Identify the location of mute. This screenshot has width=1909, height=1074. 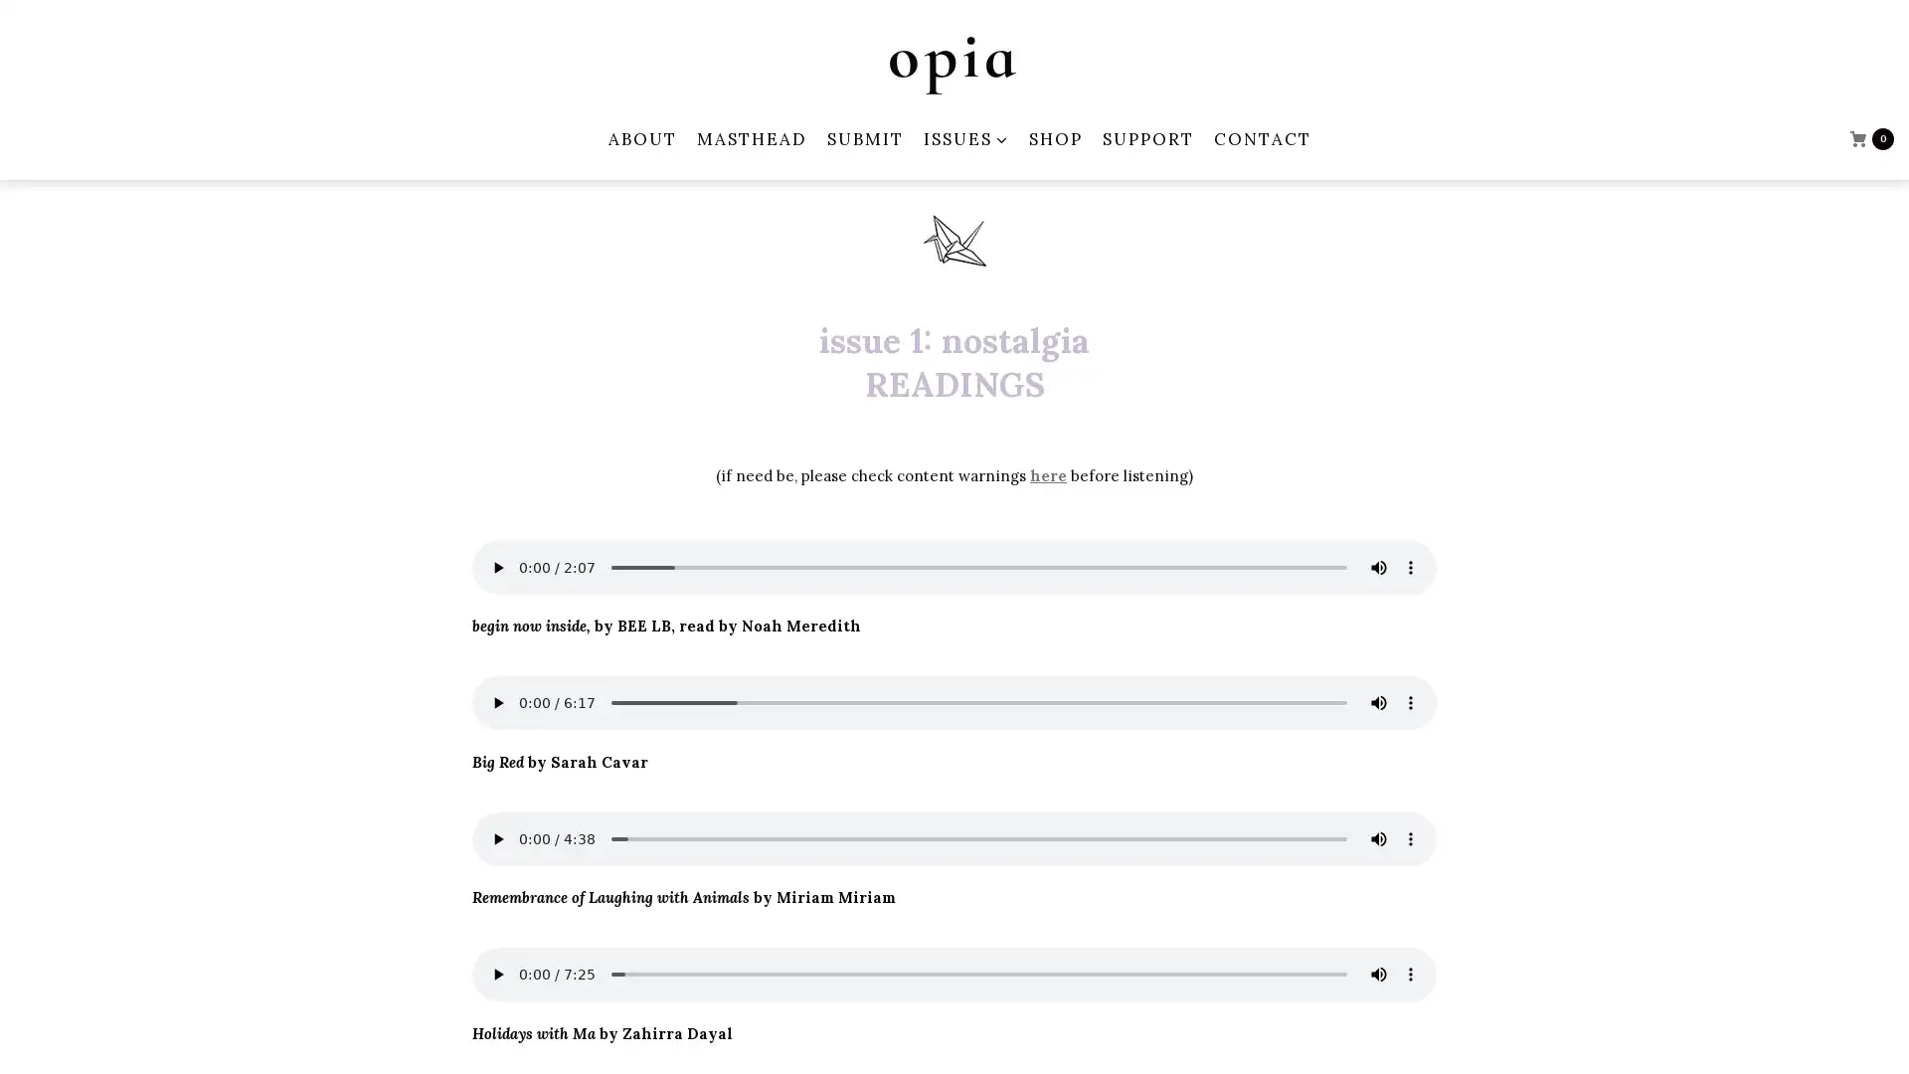
(1378, 701).